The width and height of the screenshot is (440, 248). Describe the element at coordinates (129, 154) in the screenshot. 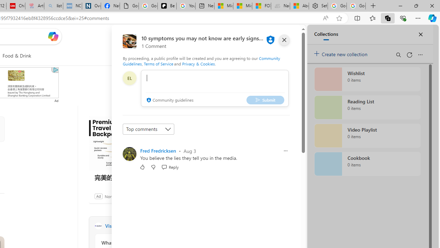

I see `'Profile Picture'` at that location.